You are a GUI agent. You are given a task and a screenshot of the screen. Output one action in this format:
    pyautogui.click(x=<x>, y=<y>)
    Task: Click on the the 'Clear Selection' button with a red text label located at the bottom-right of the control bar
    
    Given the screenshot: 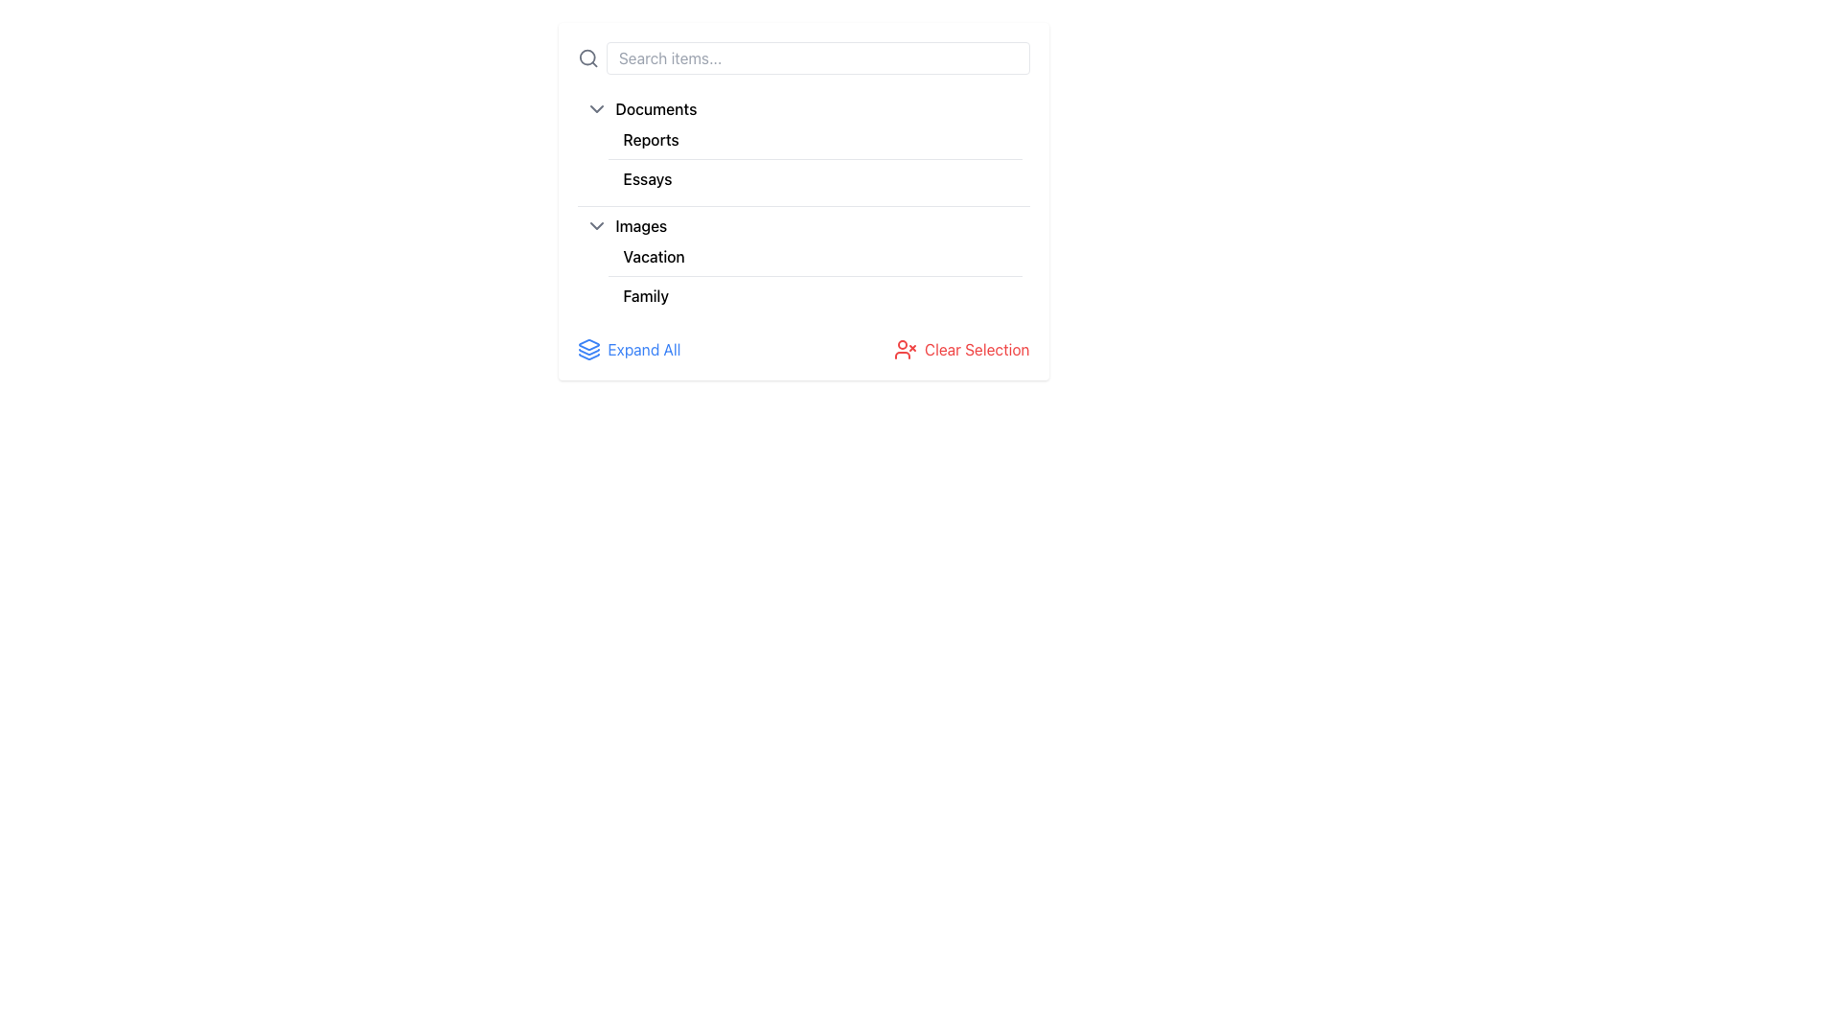 What is the action you would take?
    pyautogui.click(x=961, y=350)
    